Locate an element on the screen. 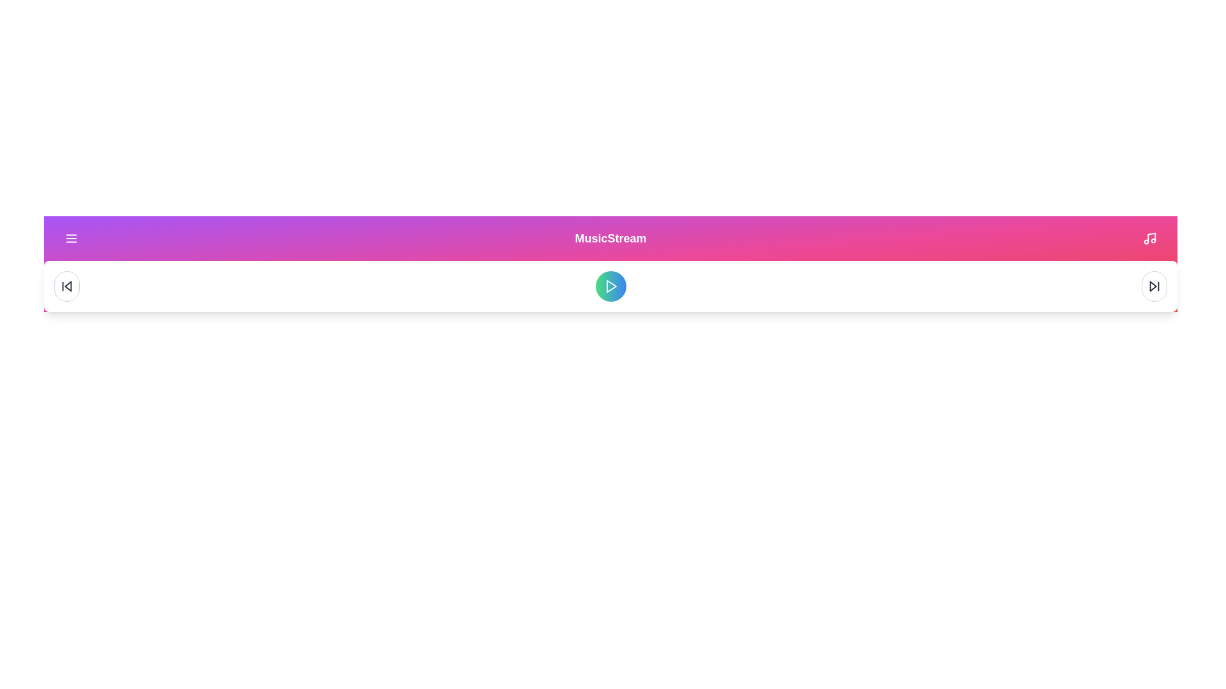 Image resolution: width=1226 pixels, height=689 pixels. the left arrow button to navigate to the previous track is located at coordinates (66, 285).